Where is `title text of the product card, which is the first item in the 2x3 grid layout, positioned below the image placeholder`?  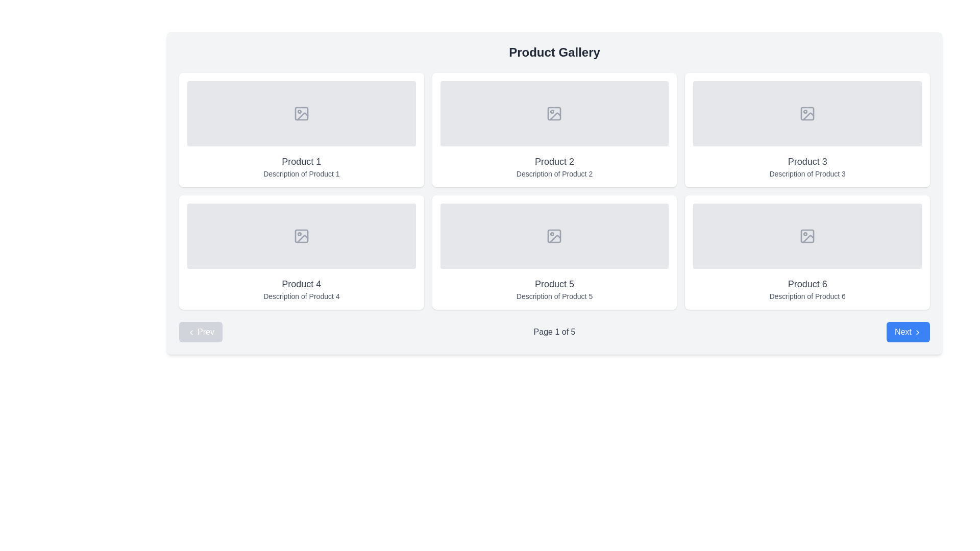 title text of the product card, which is the first item in the 2x3 grid layout, positioned below the image placeholder is located at coordinates (301, 161).